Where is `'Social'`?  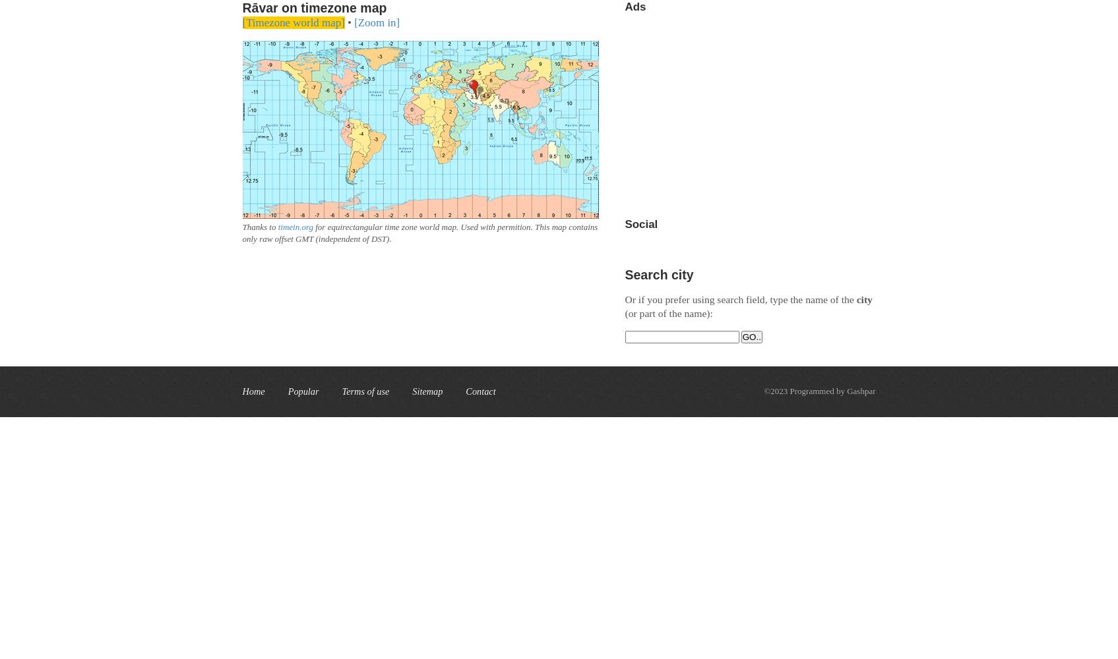 'Social' is located at coordinates (641, 223).